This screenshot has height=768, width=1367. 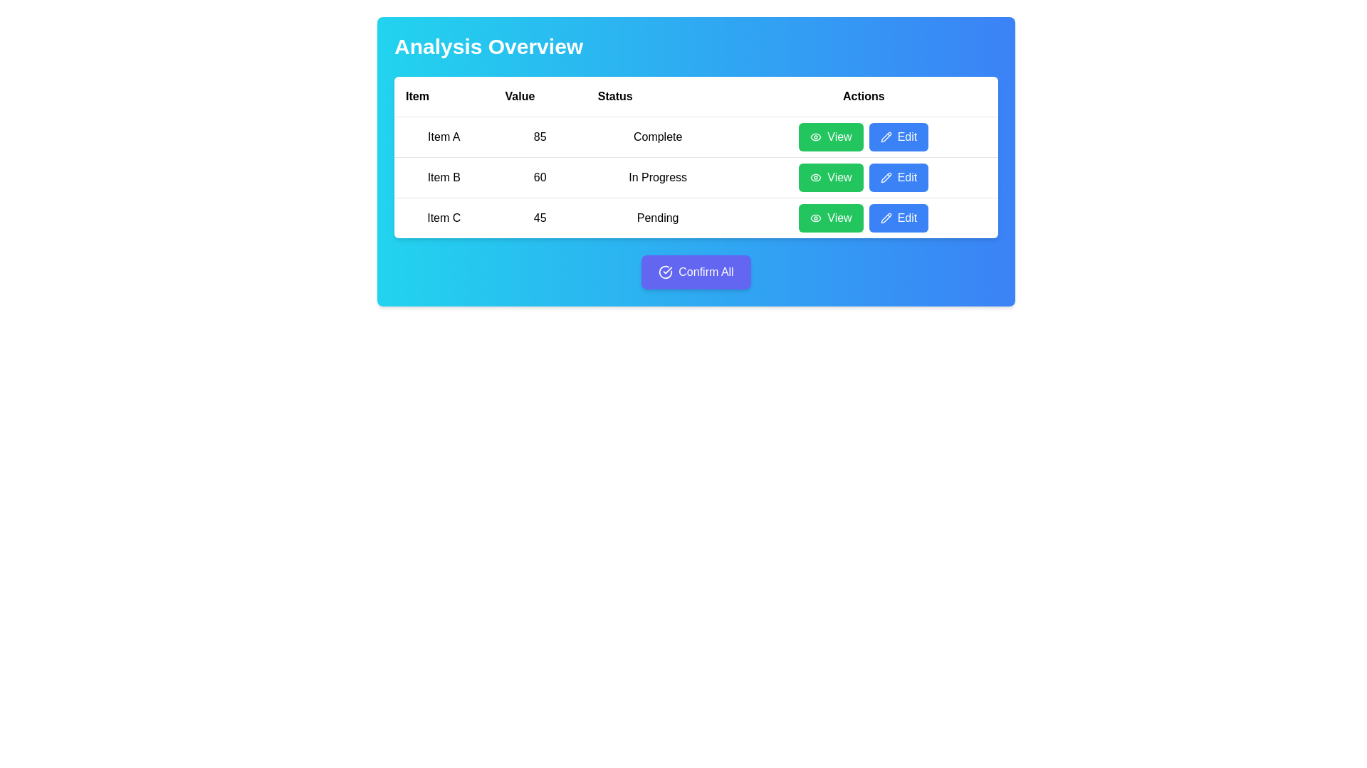 I want to click on the pencil icon representing the 'Edit' action located within the 'Edit' button in the 'Actions' column of the last row for 'Item C', so click(x=885, y=218).